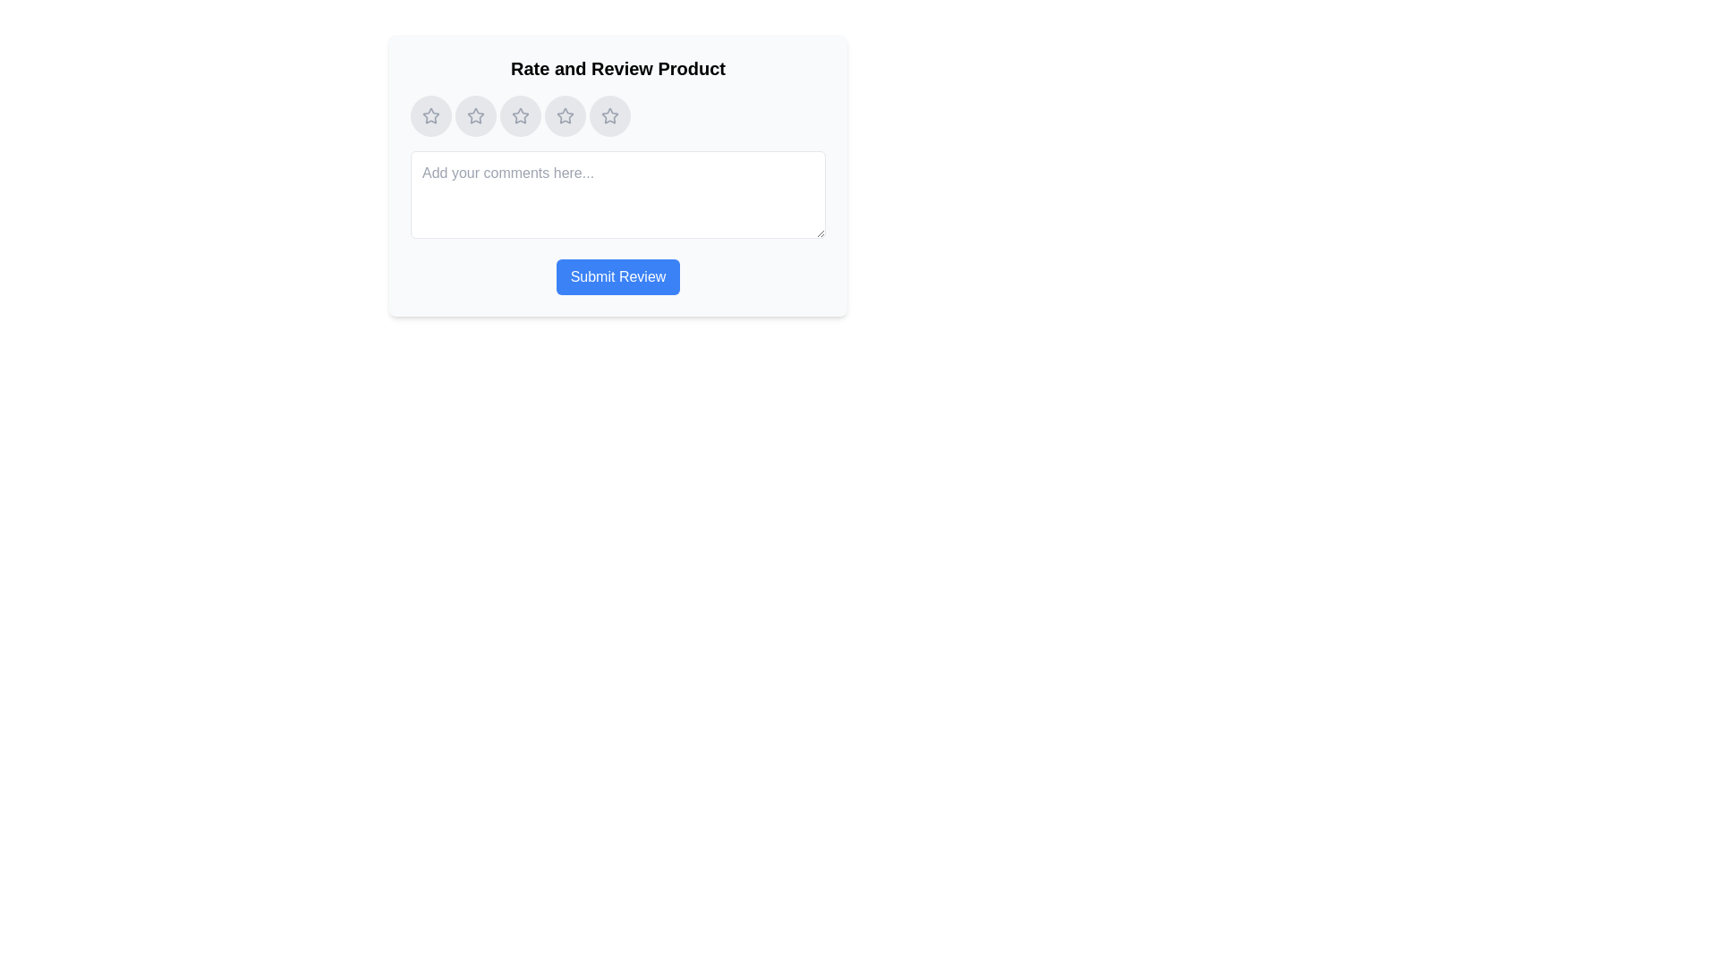 The height and width of the screenshot is (966, 1718). I want to click on the fourth circular star-rating button with a gray background, so click(565, 116).